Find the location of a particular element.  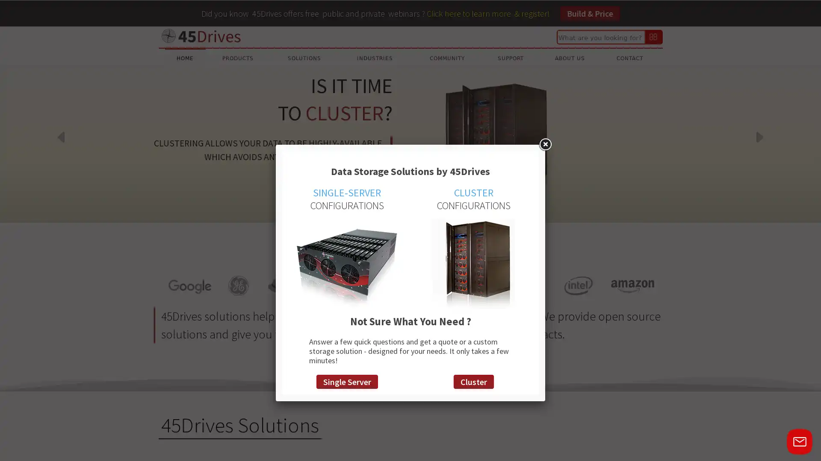

LEARN MORE is located at coordinates (363, 184).